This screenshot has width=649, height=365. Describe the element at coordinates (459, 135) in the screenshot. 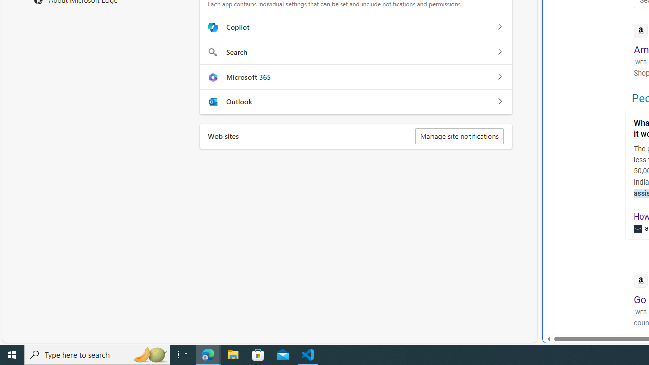

I see `'Manage site notifications'` at that location.